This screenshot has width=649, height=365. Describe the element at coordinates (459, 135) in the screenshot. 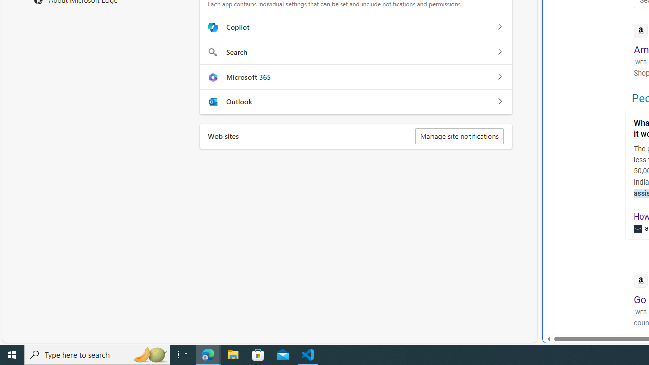

I see `'Manage site notifications'` at that location.